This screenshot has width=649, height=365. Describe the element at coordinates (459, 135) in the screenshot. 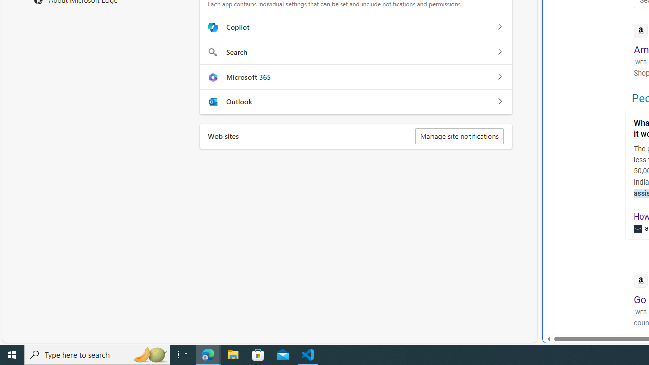

I see `'Manage site notifications'` at that location.